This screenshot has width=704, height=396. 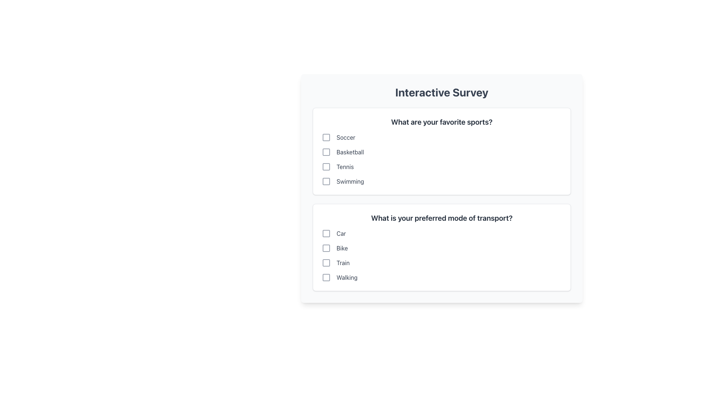 What do you see at coordinates (326, 152) in the screenshot?
I see `the second checkbox` at bounding box center [326, 152].